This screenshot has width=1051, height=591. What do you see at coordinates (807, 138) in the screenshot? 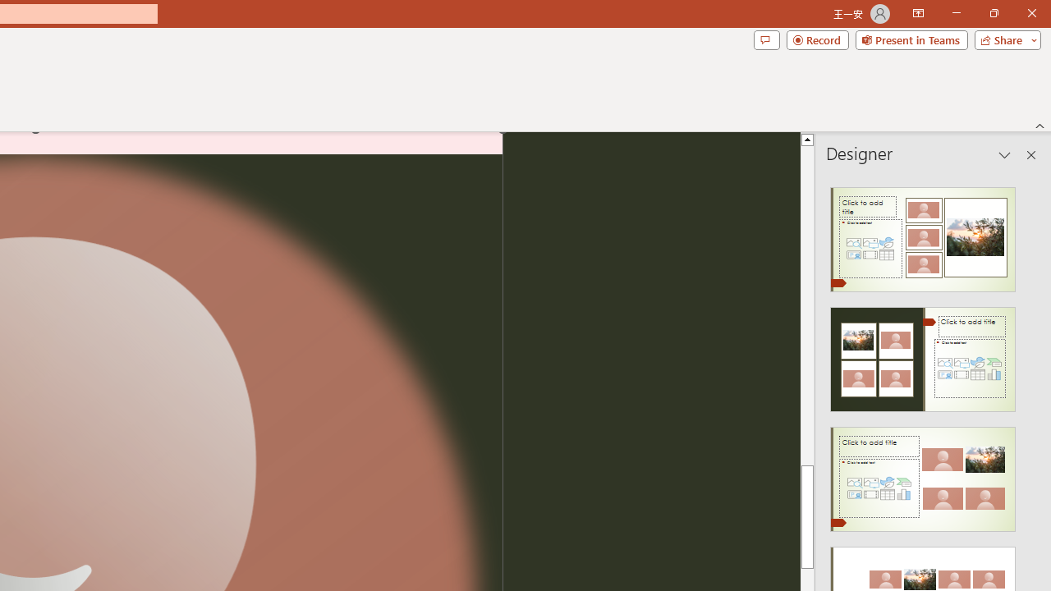
I see `'Line up'` at bounding box center [807, 138].